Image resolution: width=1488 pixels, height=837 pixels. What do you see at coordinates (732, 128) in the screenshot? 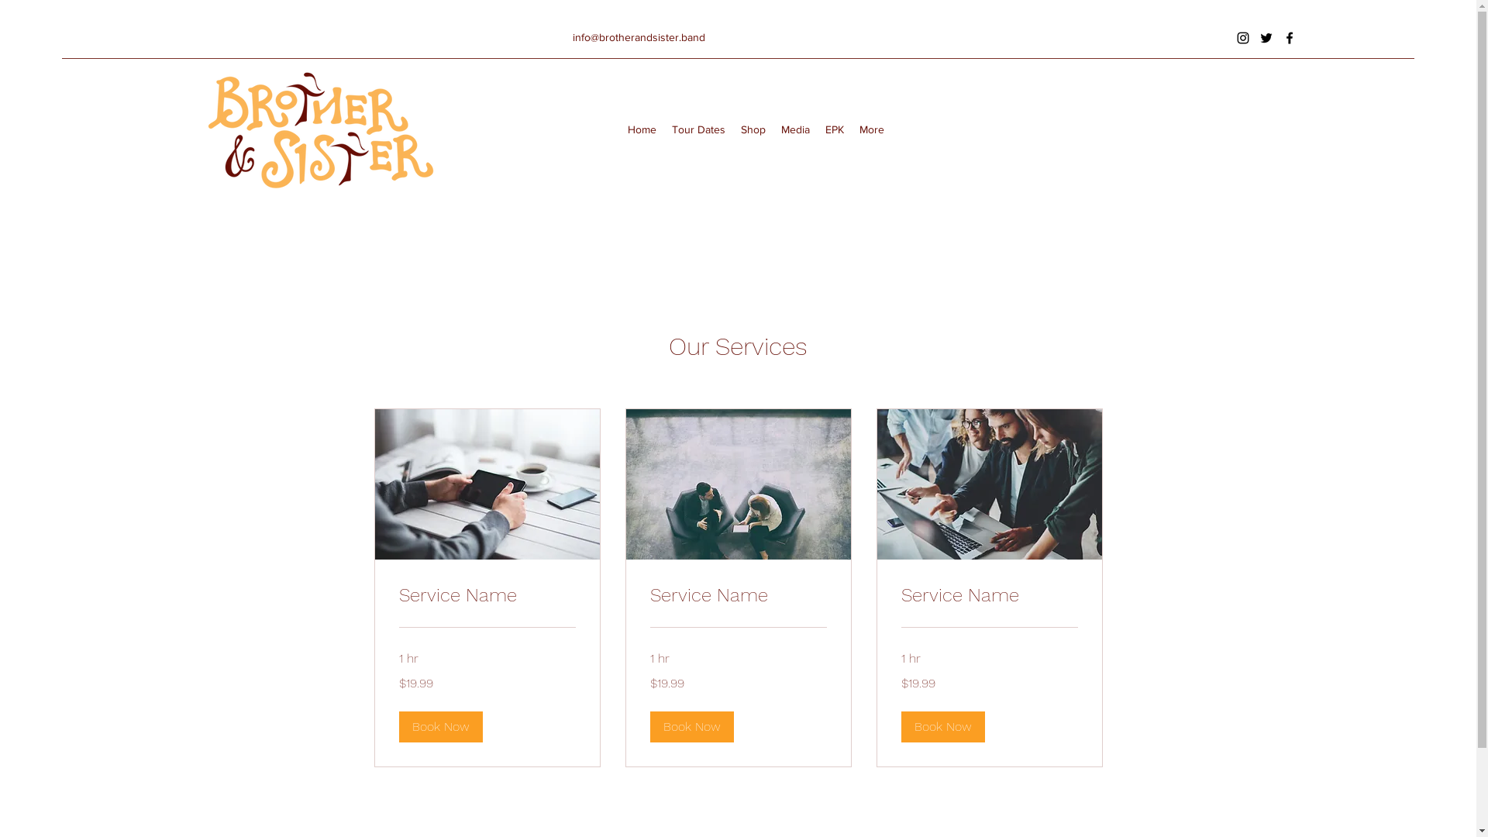
I see `'Shop'` at bounding box center [732, 128].